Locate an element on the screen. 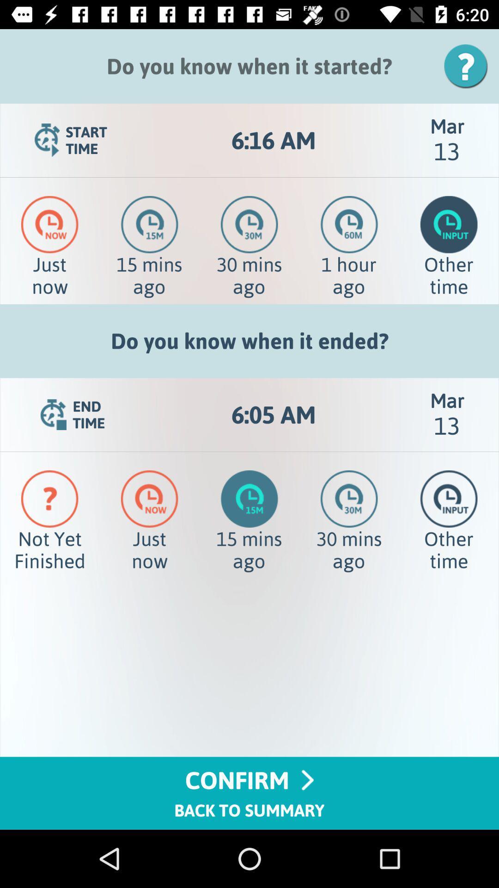 The width and height of the screenshot is (499, 888). the time icon is located at coordinates (349, 498).